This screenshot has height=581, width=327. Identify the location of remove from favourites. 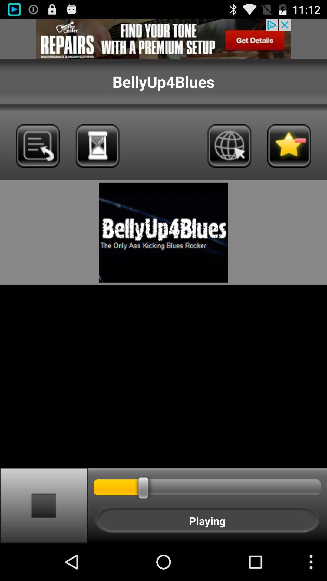
(289, 146).